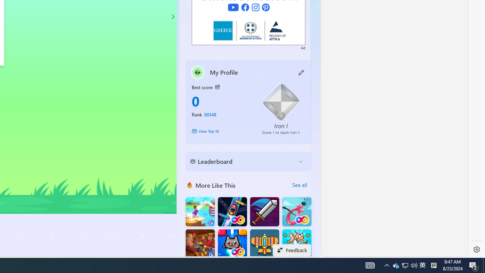 The width and height of the screenshot is (485, 273). What do you see at coordinates (414, 265) in the screenshot?
I see `'Q2790: 100%'` at bounding box center [414, 265].